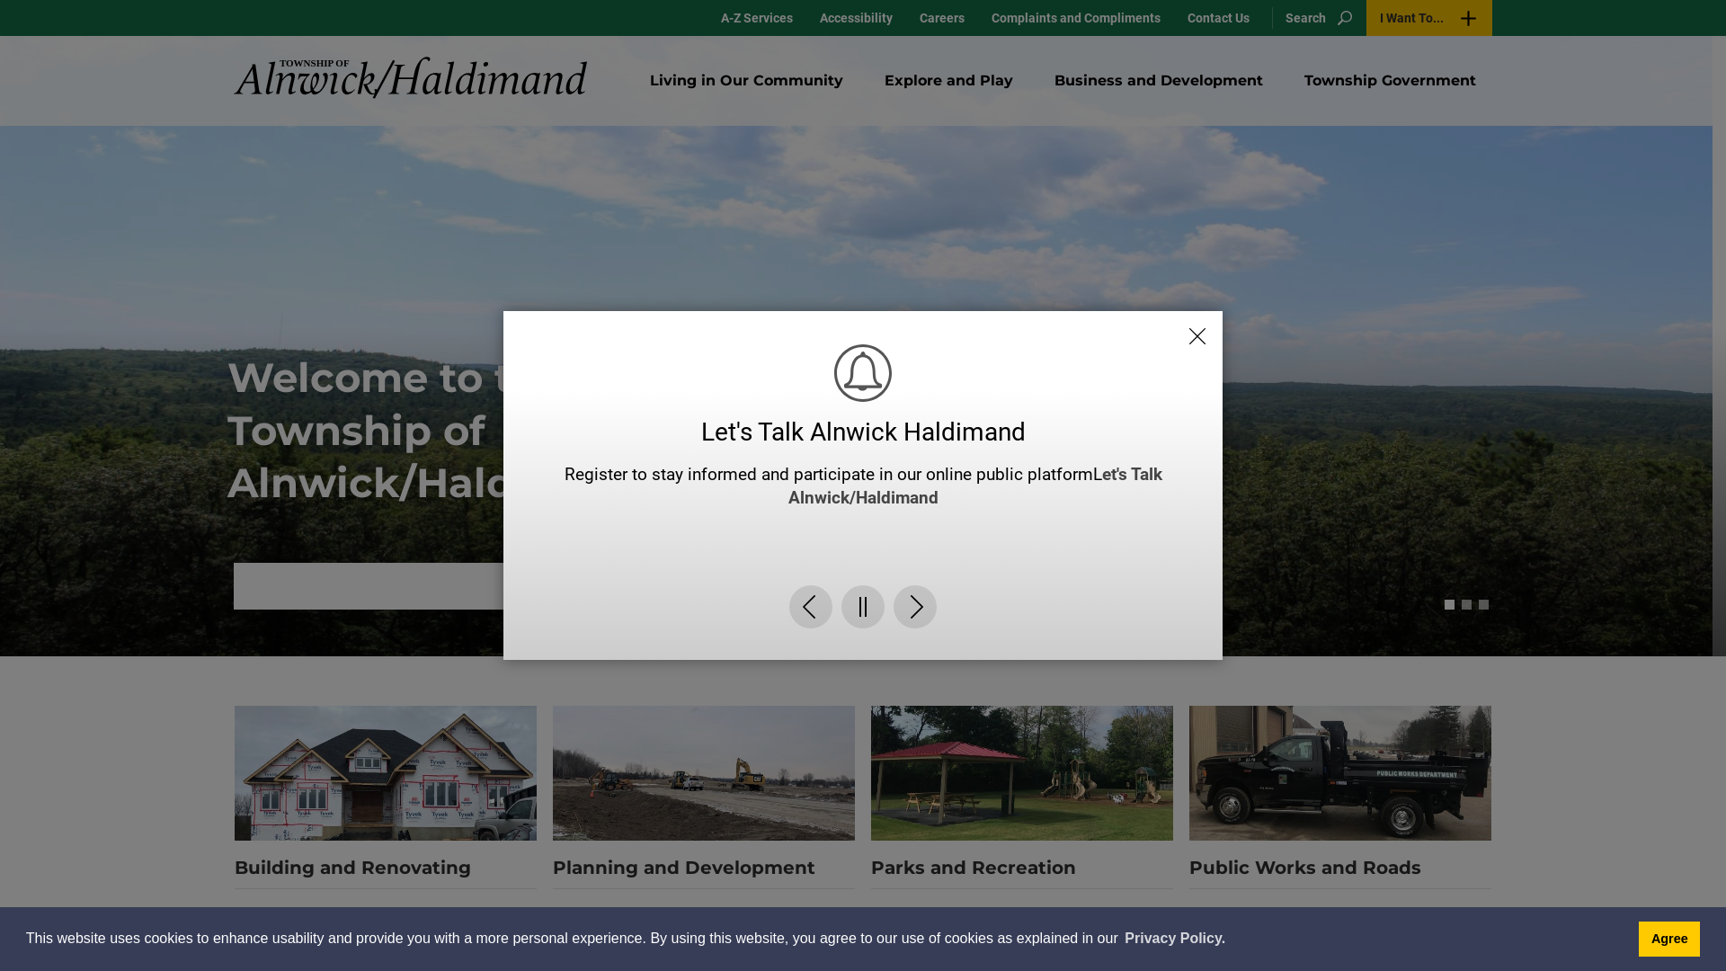  What do you see at coordinates (1218, 17) in the screenshot?
I see `'Contact Us'` at bounding box center [1218, 17].